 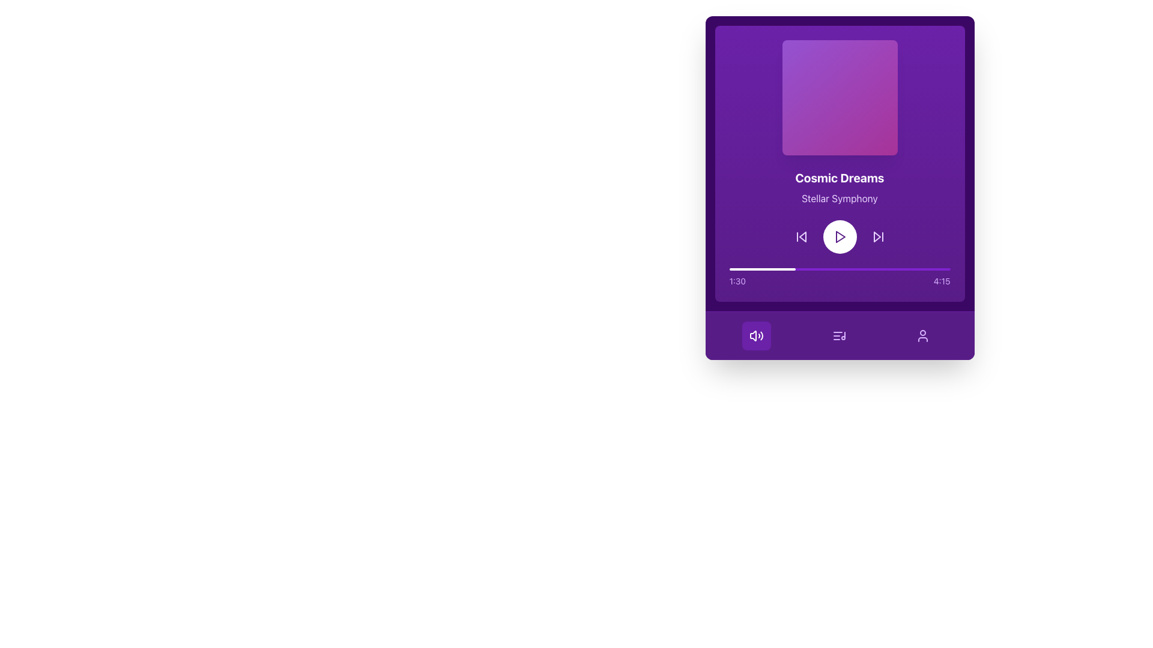 I want to click on the white speaker icon with sound waves on a purple background, so click(x=755, y=335).